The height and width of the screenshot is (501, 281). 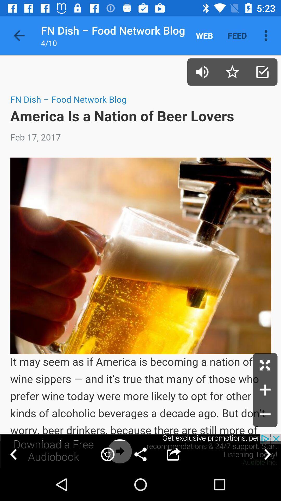 What do you see at coordinates (13, 454) in the screenshot?
I see `go previous` at bounding box center [13, 454].